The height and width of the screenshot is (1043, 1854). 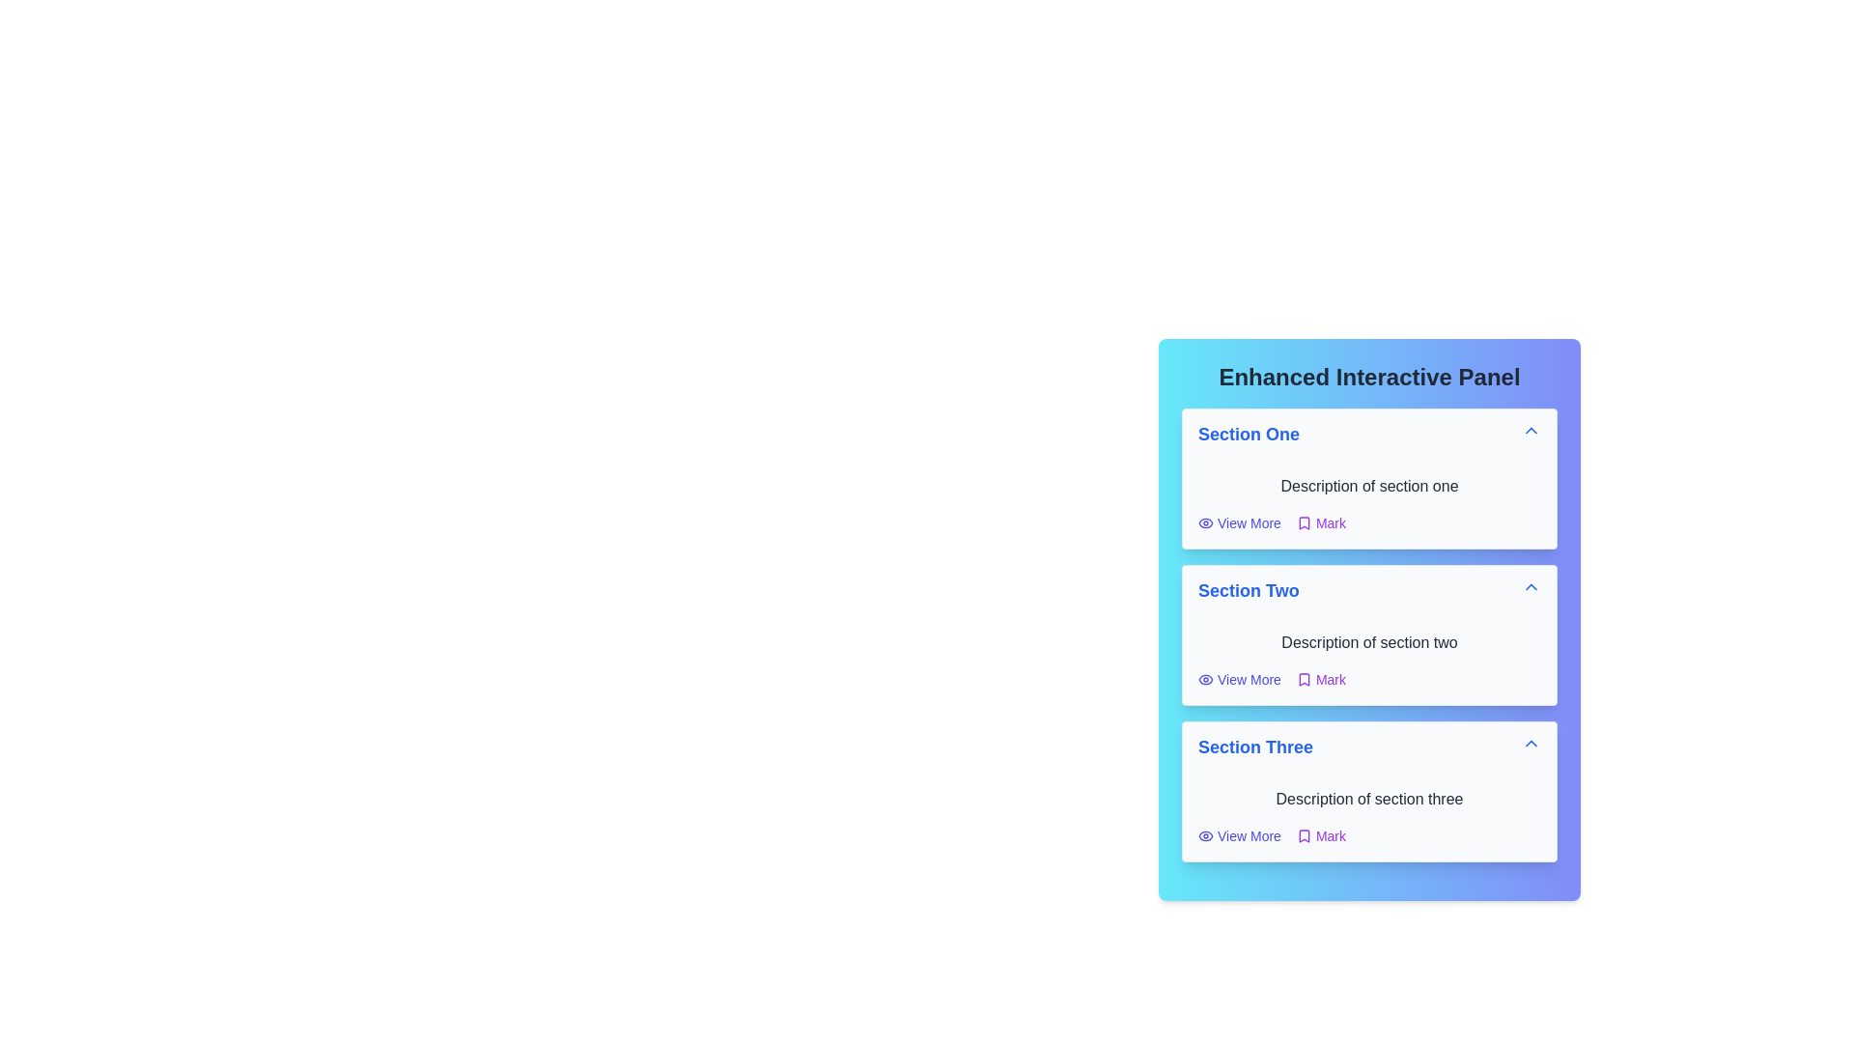 I want to click on the clickable link or button with an attached icon located in the bottom left corner of the 'Section Three' panel, so click(x=1239, y=835).